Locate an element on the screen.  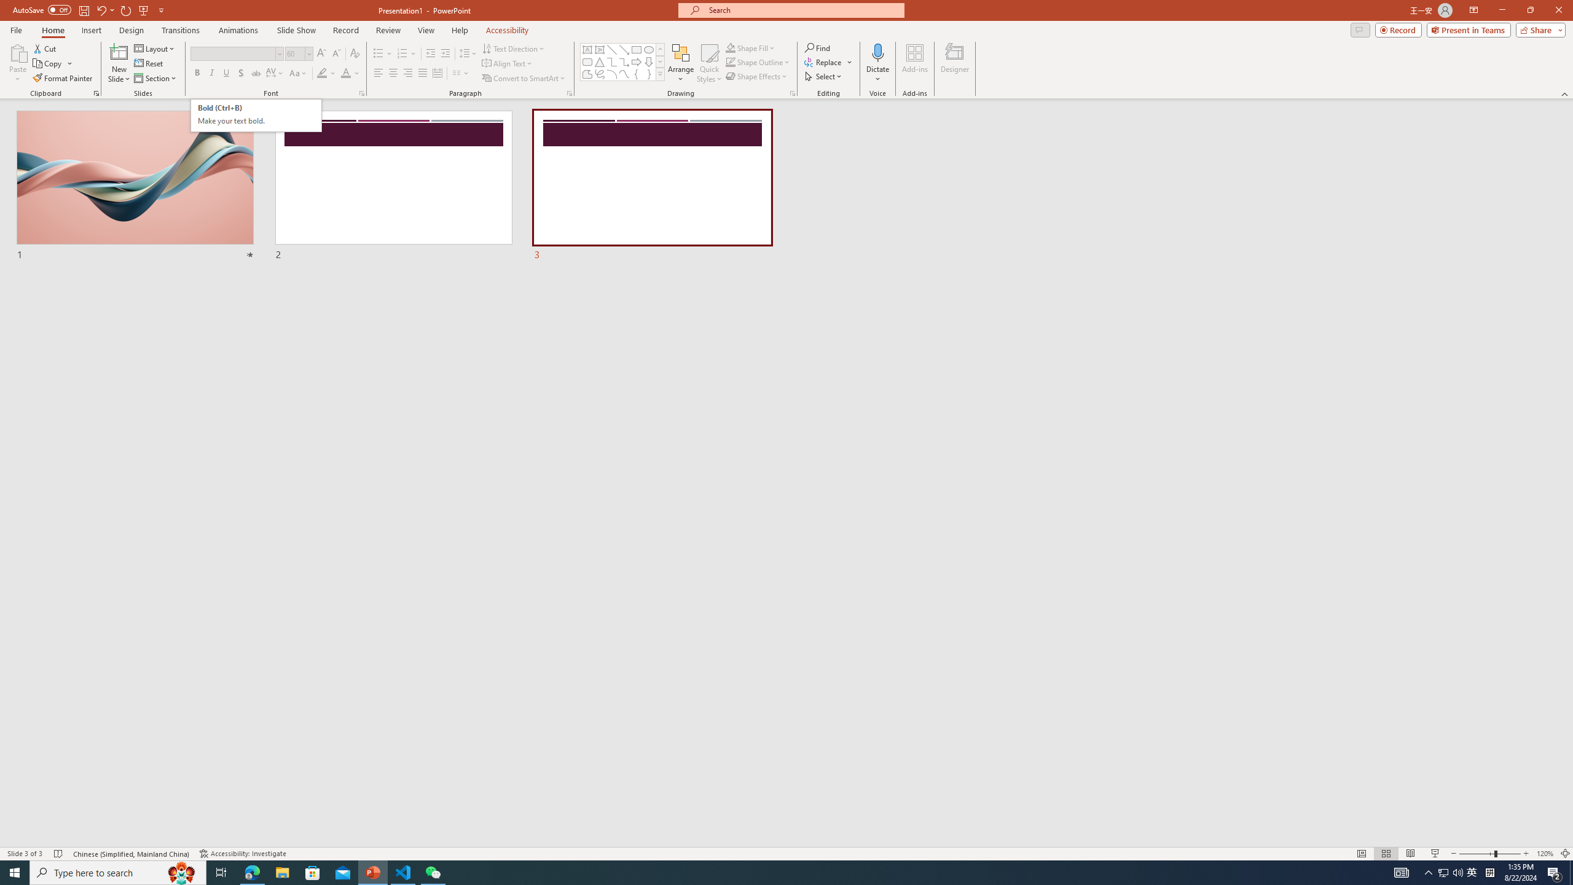
'Reset' is located at coordinates (149, 63).